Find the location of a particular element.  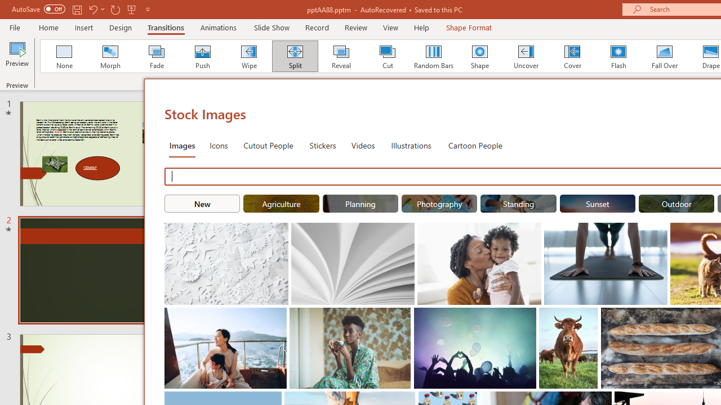

'Split' is located at coordinates (295, 56).